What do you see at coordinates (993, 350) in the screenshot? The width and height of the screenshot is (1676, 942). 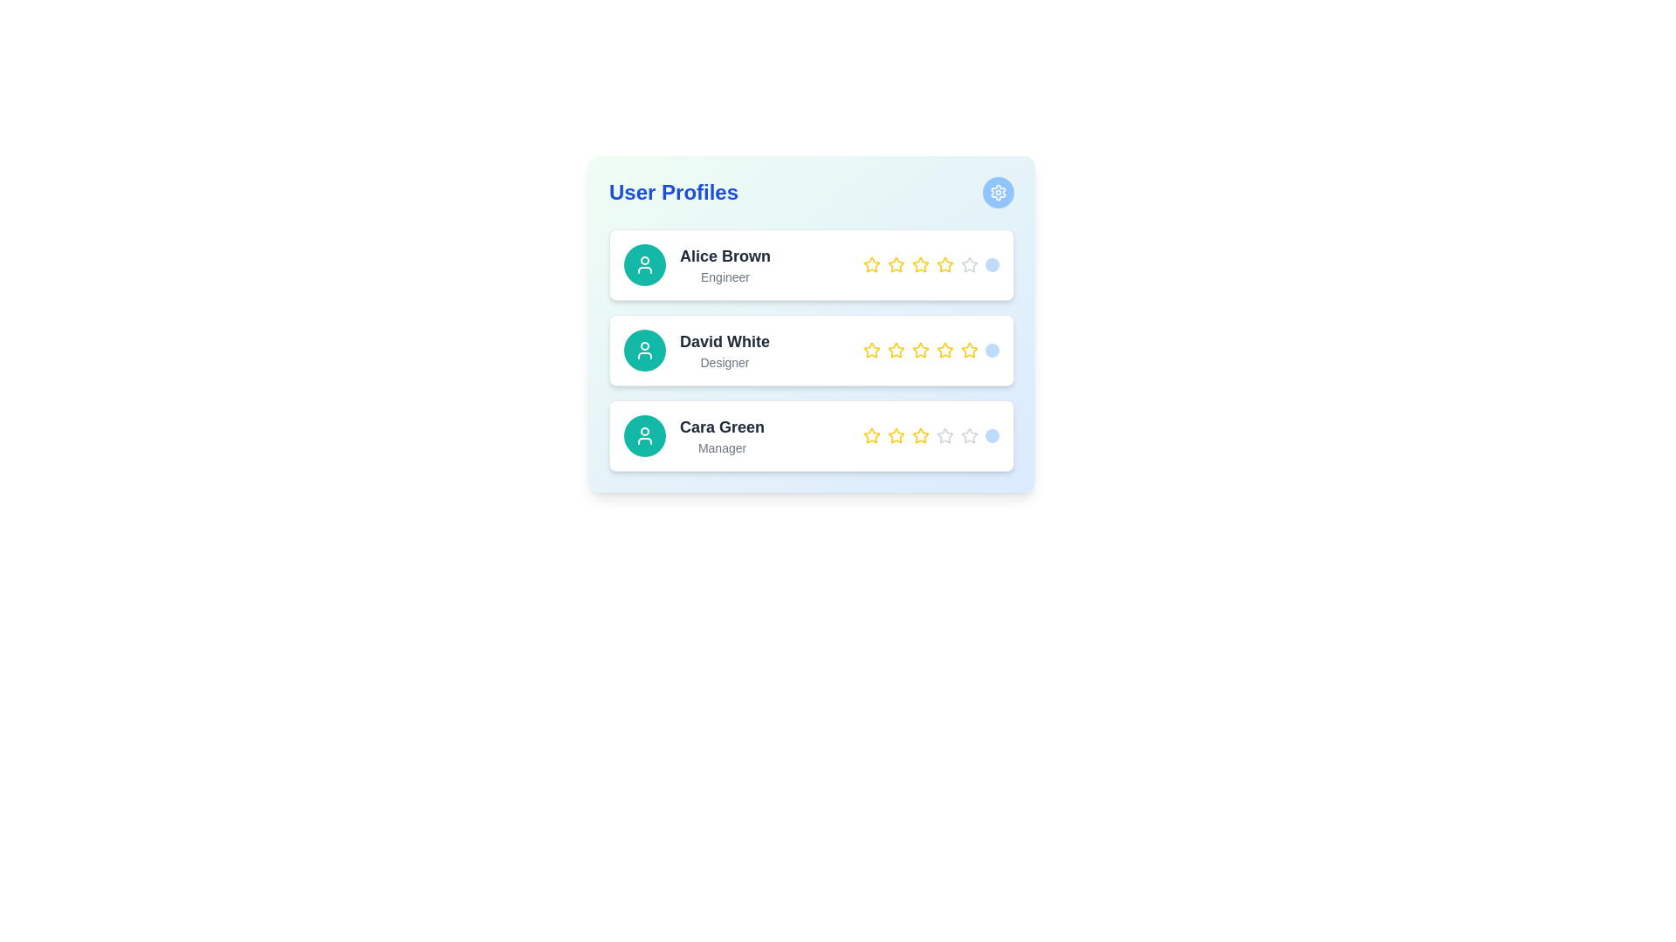 I see `the interactive button for submitting or confirming the rating for user 'David White', located at the far right of the rating stars row` at bounding box center [993, 350].